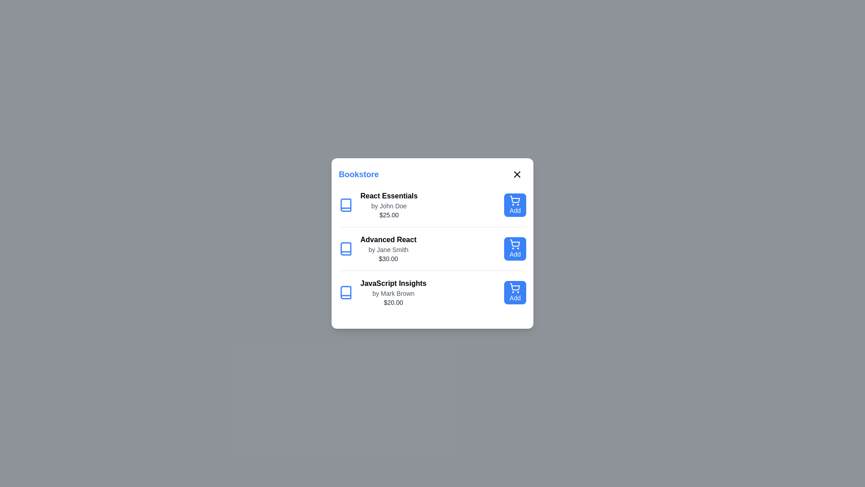  What do you see at coordinates (387, 292) in the screenshot?
I see `the details of the book titled JavaScript Insights` at bounding box center [387, 292].